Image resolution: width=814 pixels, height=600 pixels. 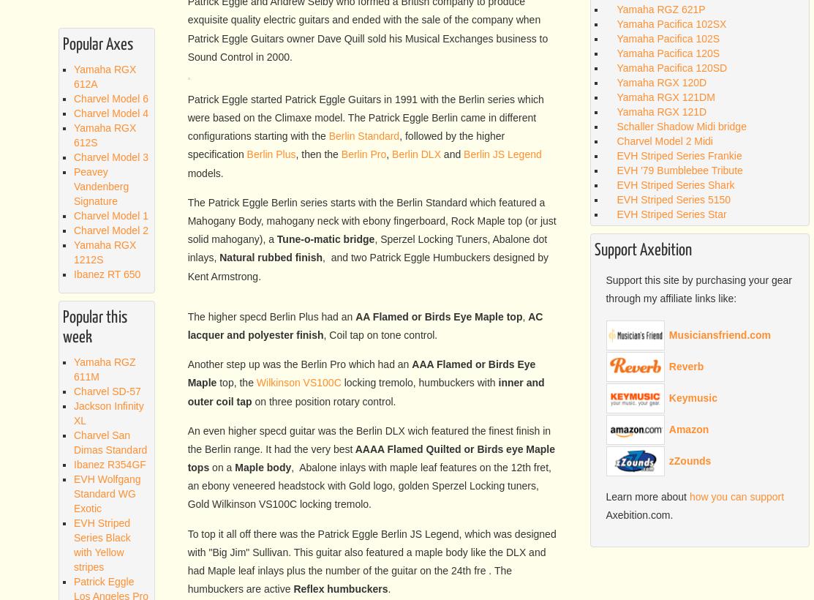 What do you see at coordinates (108, 411) in the screenshot?
I see `'Jackson Infinity XL'` at bounding box center [108, 411].